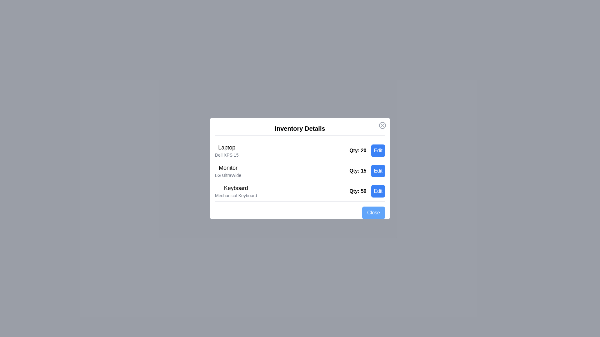 Image resolution: width=600 pixels, height=337 pixels. I want to click on the 'Edit' button for the item 'Monitor', so click(377, 171).